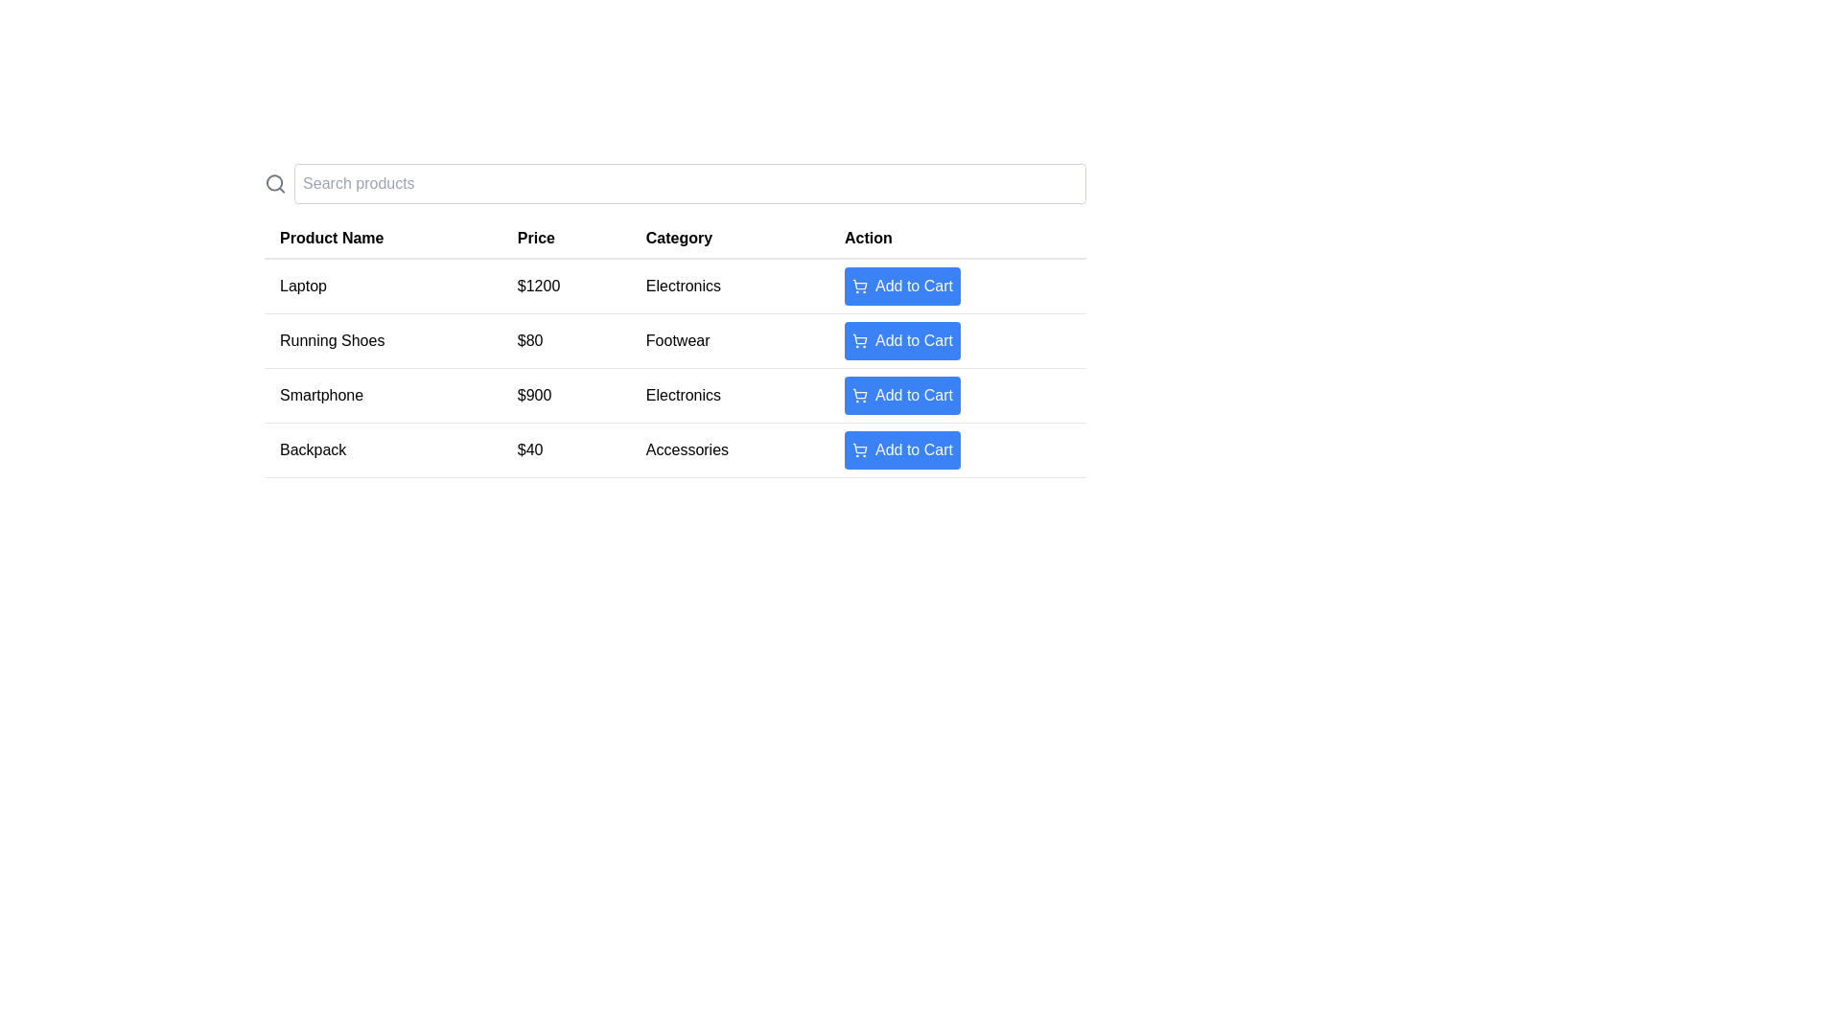 This screenshot has width=1841, height=1035. I want to click on the text label within the button that indicates adding 'Running Shoes' to the shopping cart, located in the 'Action' column of the second row, so click(913, 339).